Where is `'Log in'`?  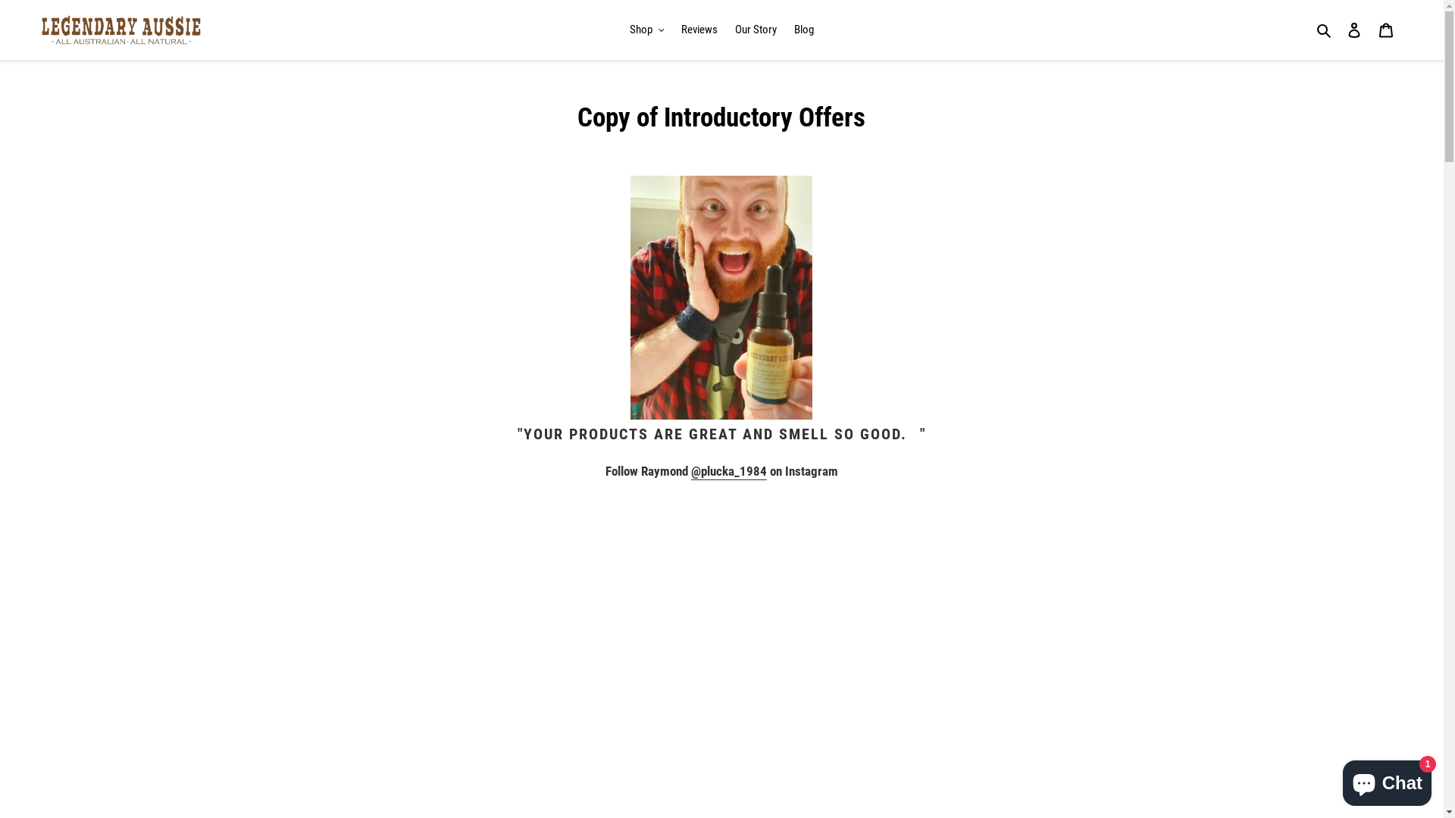
'Log in' is located at coordinates (1353, 30).